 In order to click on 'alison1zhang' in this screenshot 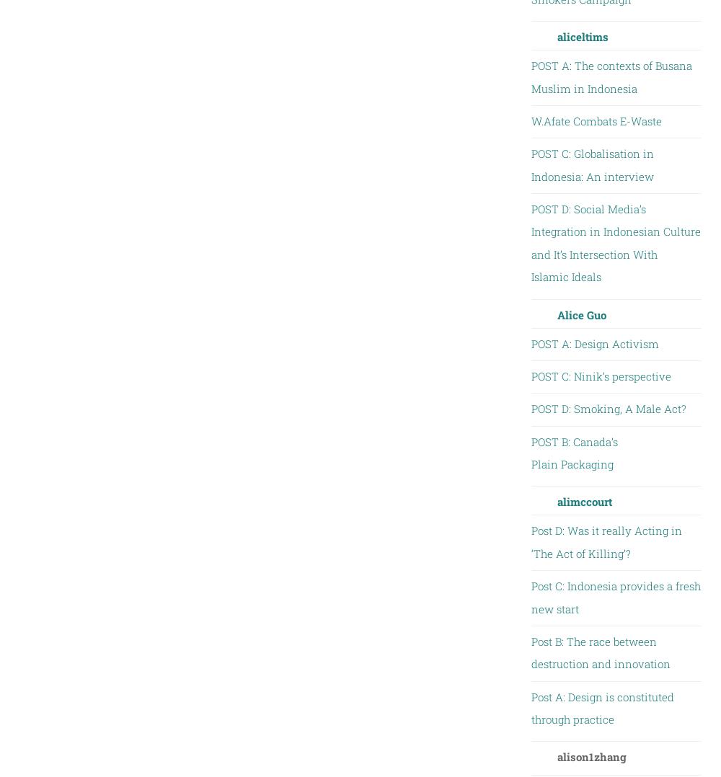, I will do `click(590, 756)`.